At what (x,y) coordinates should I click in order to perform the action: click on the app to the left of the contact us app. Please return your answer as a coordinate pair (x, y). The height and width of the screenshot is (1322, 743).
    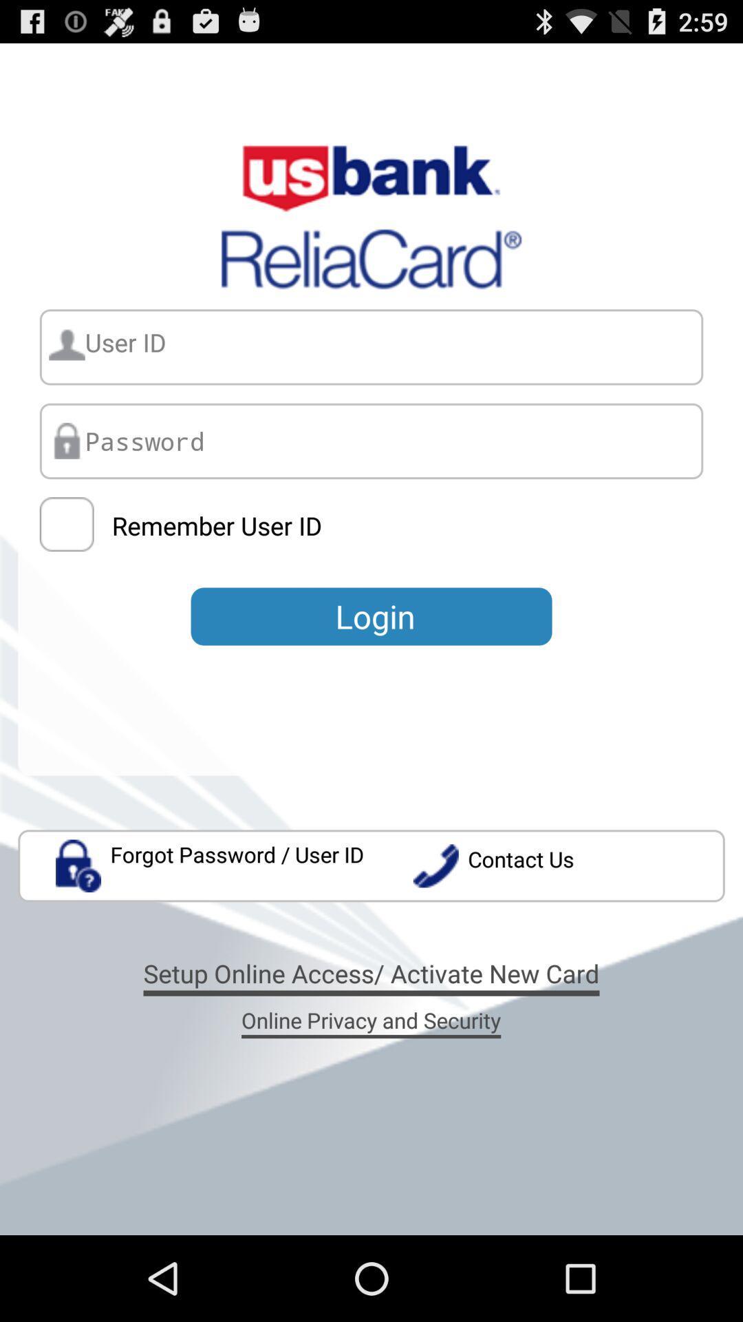
    Looking at the image, I should click on (211, 865).